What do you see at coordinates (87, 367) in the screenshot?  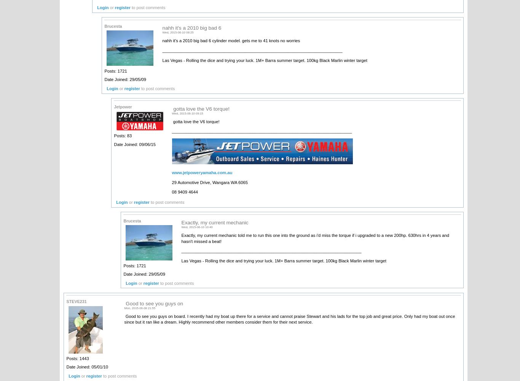 I see `'Date Joined: 05/01/10'` at bounding box center [87, 367].